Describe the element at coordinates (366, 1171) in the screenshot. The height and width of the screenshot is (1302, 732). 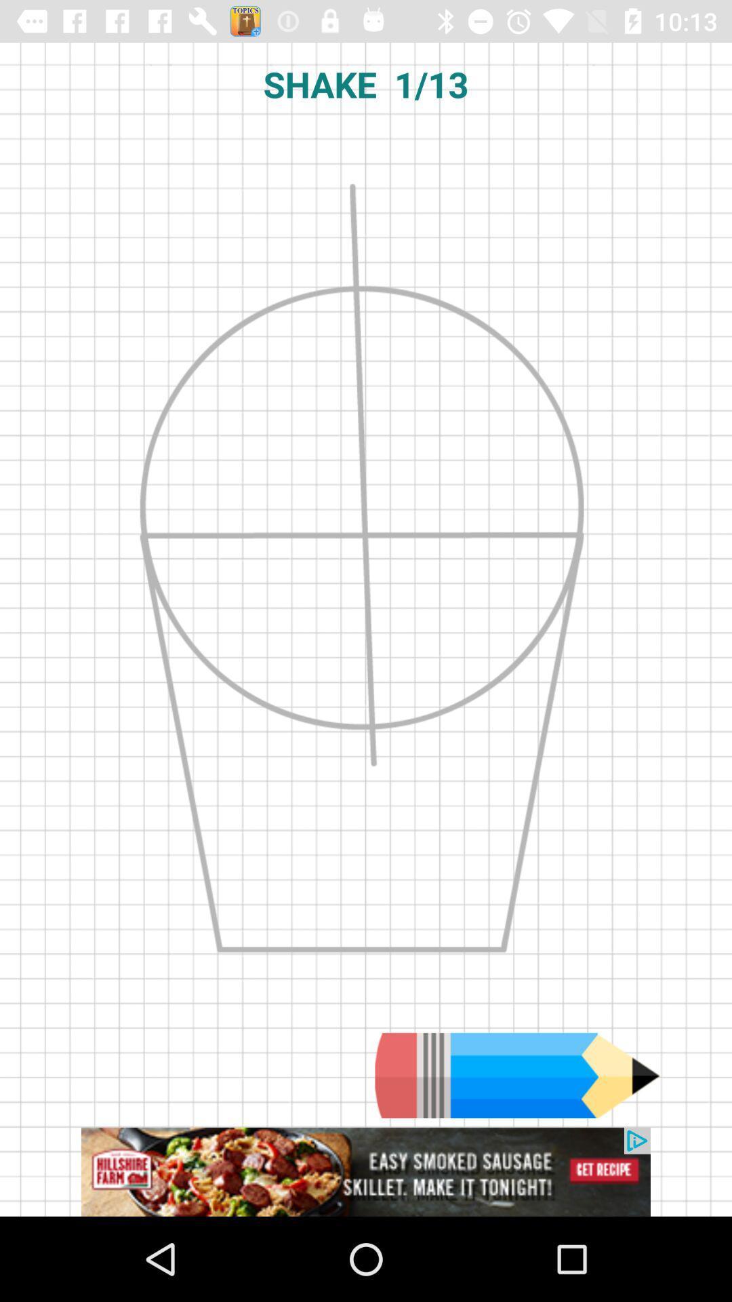
I see `advertisement` at that location.